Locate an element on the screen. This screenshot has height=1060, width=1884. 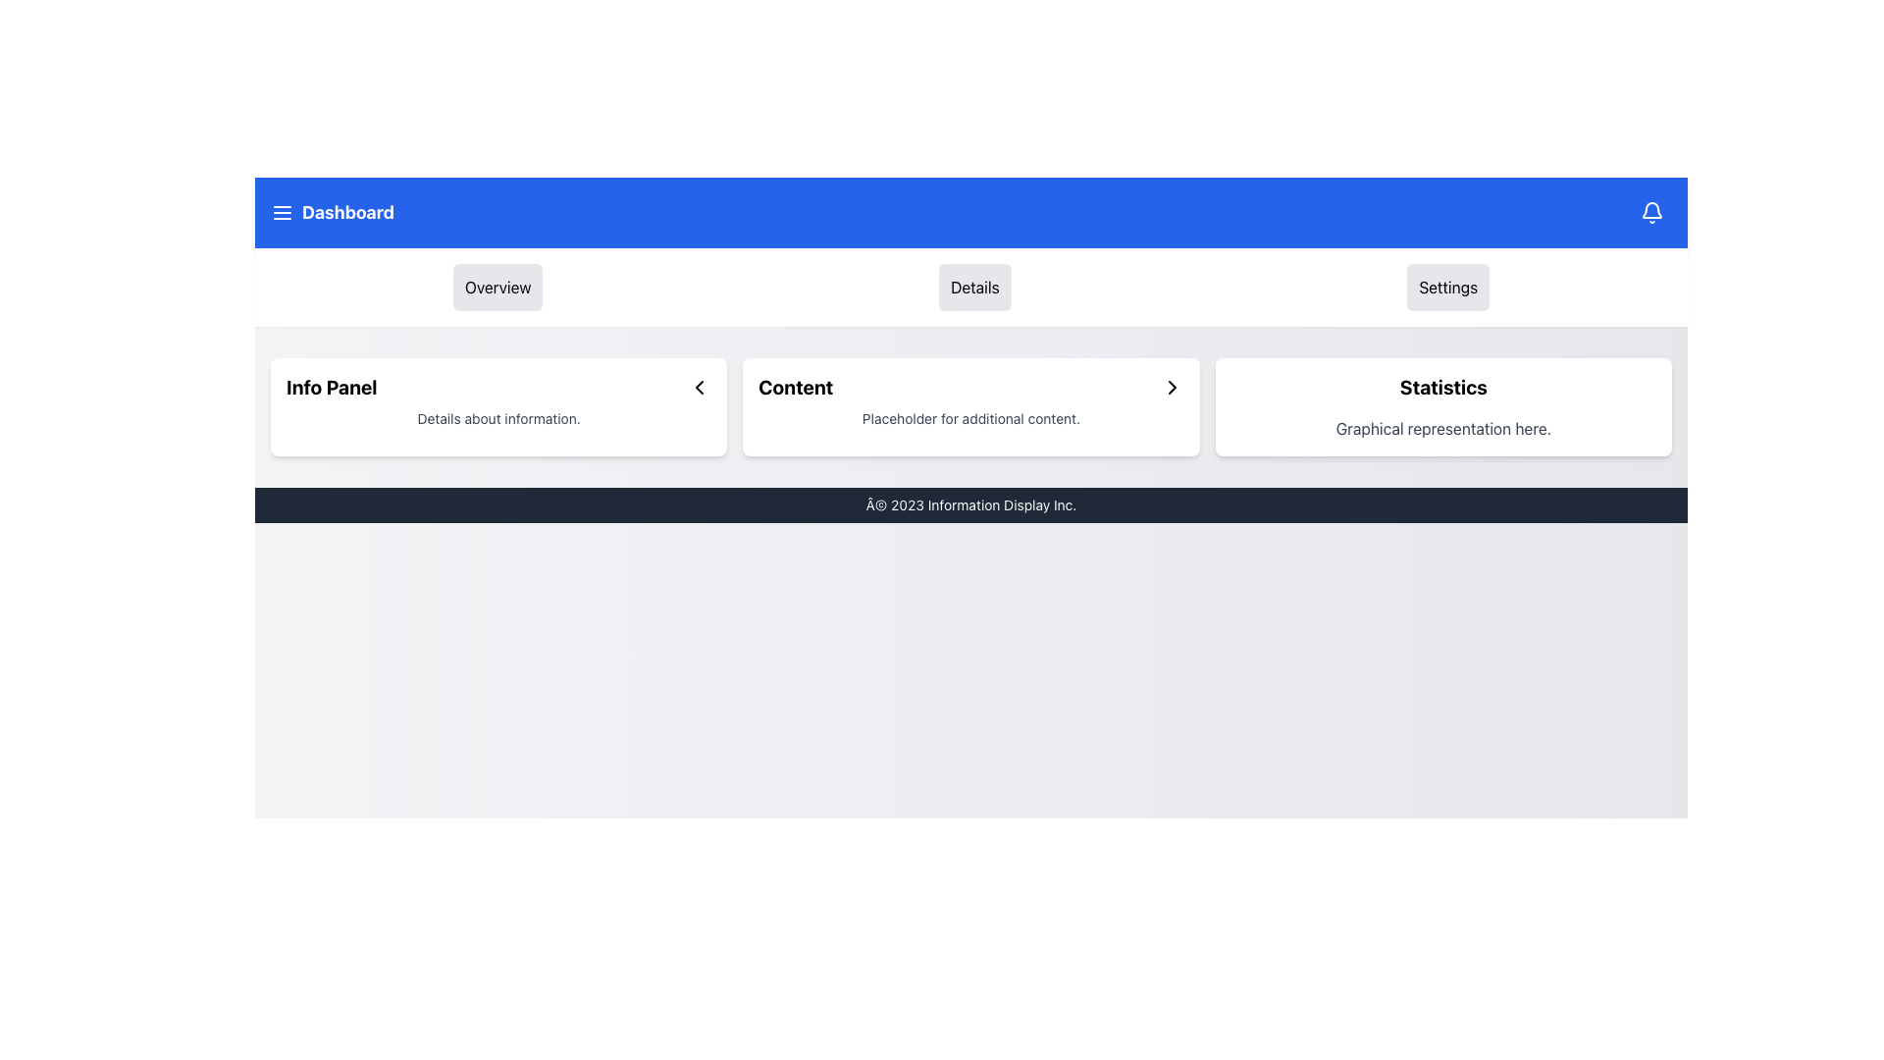
the menu icon, which is represented by three horizontal lines in a white design against a blue background, located to the left of the 'Dashboard' text is located at coordinates (282, 212).